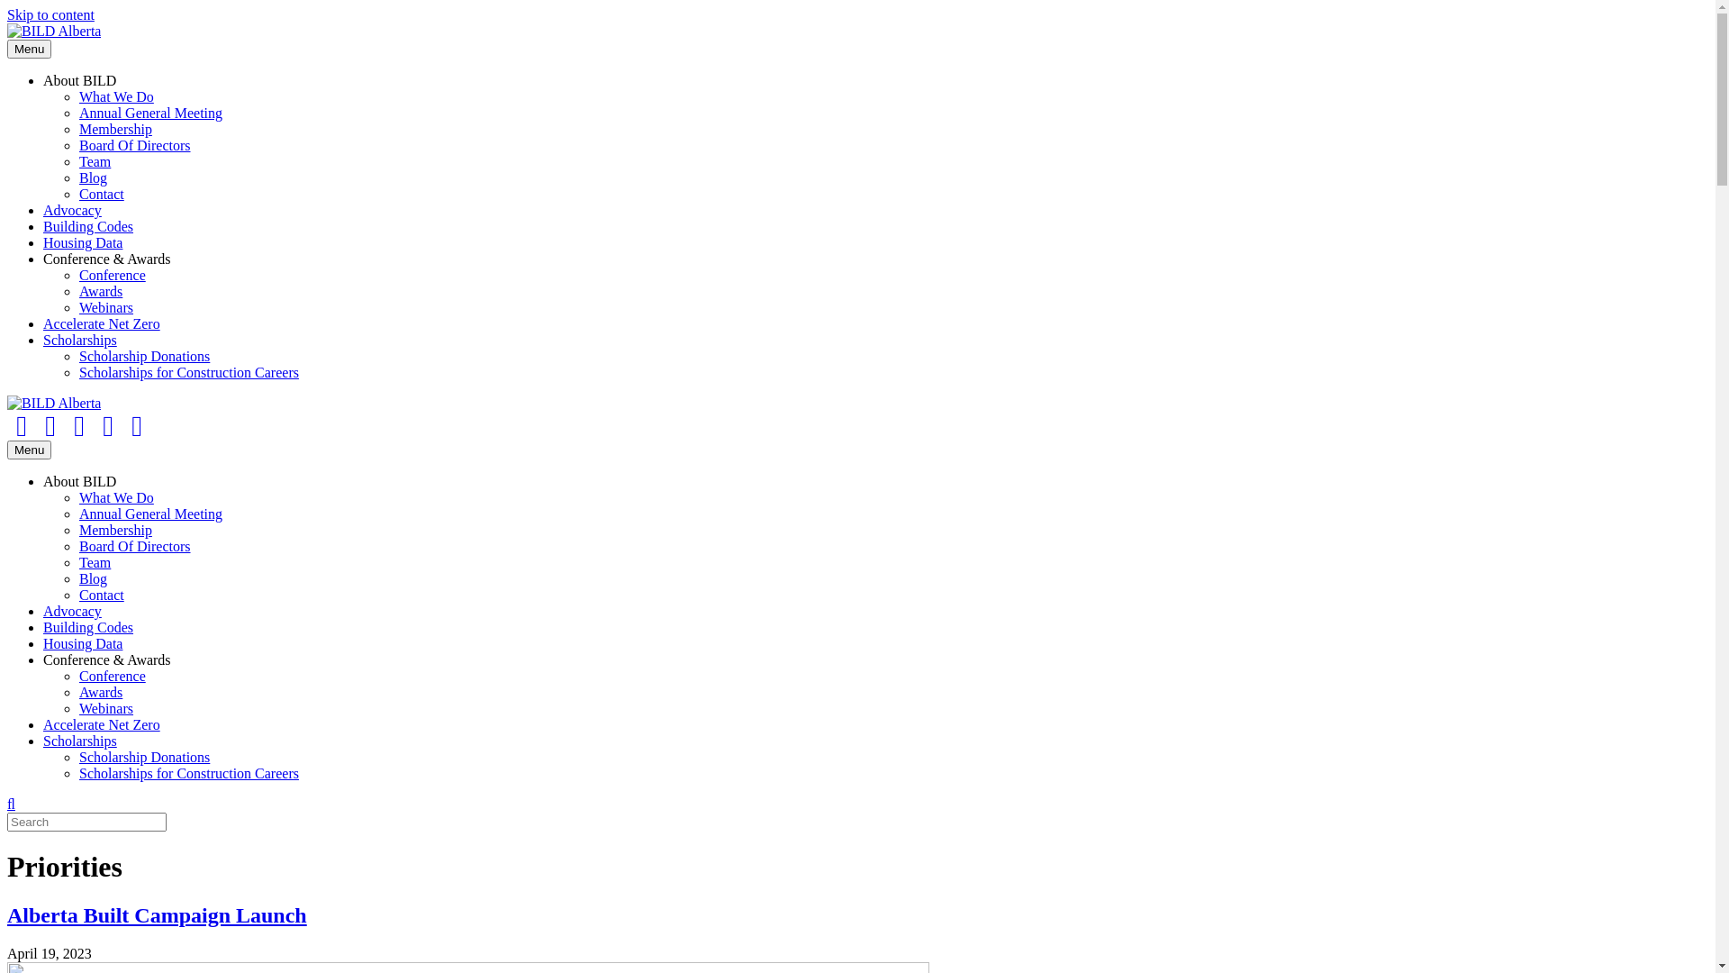 The width and height of the screenshot is (1729, 973). Describe the element at coordinates (111, 676) in the screenshot. I see `'Conference'` at that location.